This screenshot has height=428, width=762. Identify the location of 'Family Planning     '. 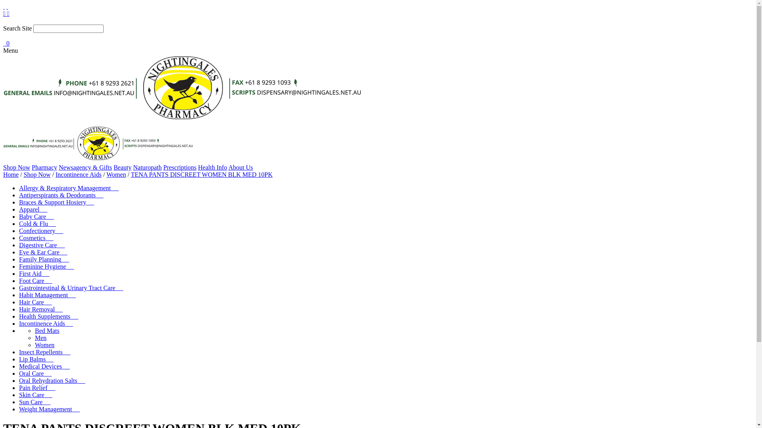
(43, 259).